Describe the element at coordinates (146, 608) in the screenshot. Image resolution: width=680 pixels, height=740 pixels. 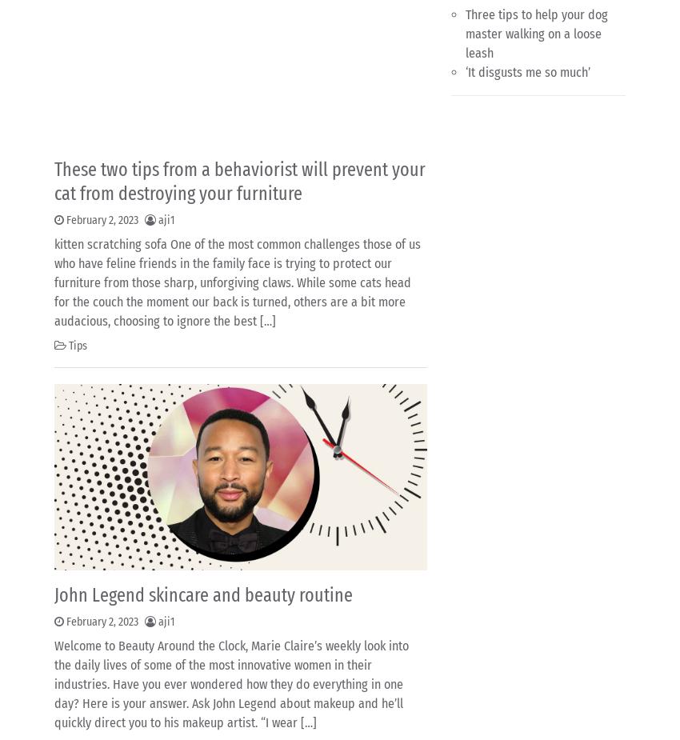
I see `'677'` at that location.